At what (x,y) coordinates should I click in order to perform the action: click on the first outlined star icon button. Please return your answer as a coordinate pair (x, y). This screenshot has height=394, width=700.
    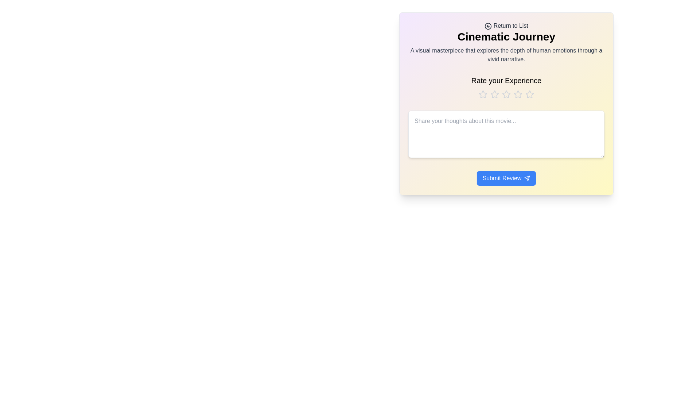
    Looking at the image, I should click on (483, 94).